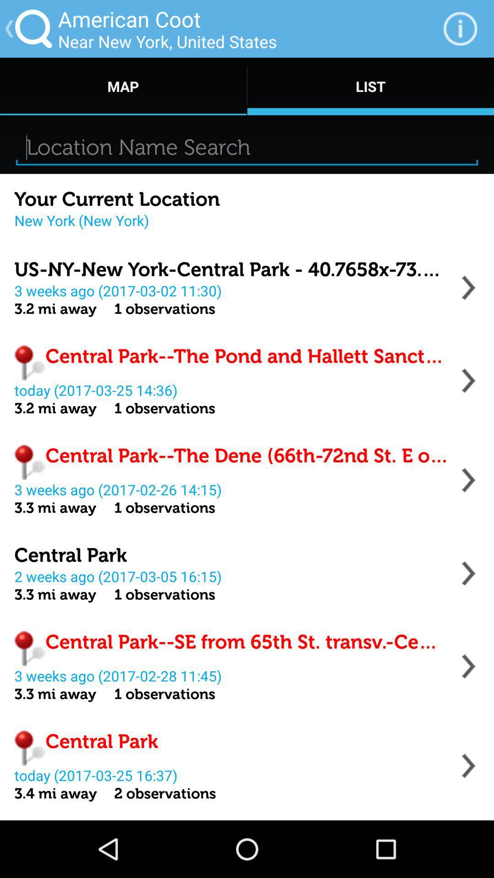  What do you see at coordinates (468, 766) in the screenshot?
I see `see informations` at bounding box center [468, 766].